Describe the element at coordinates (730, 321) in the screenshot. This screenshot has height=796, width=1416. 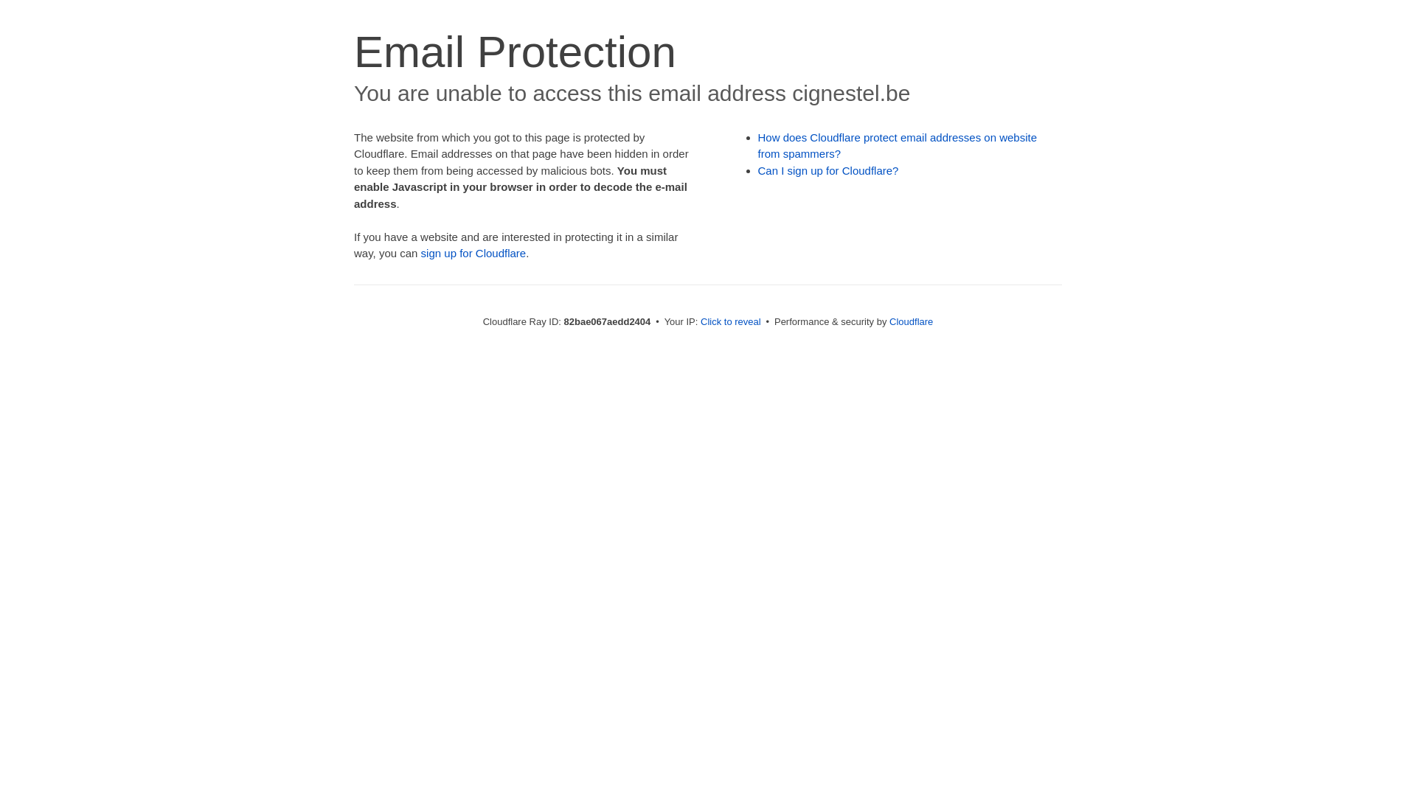
I see `'Click to reveal'` at that location.